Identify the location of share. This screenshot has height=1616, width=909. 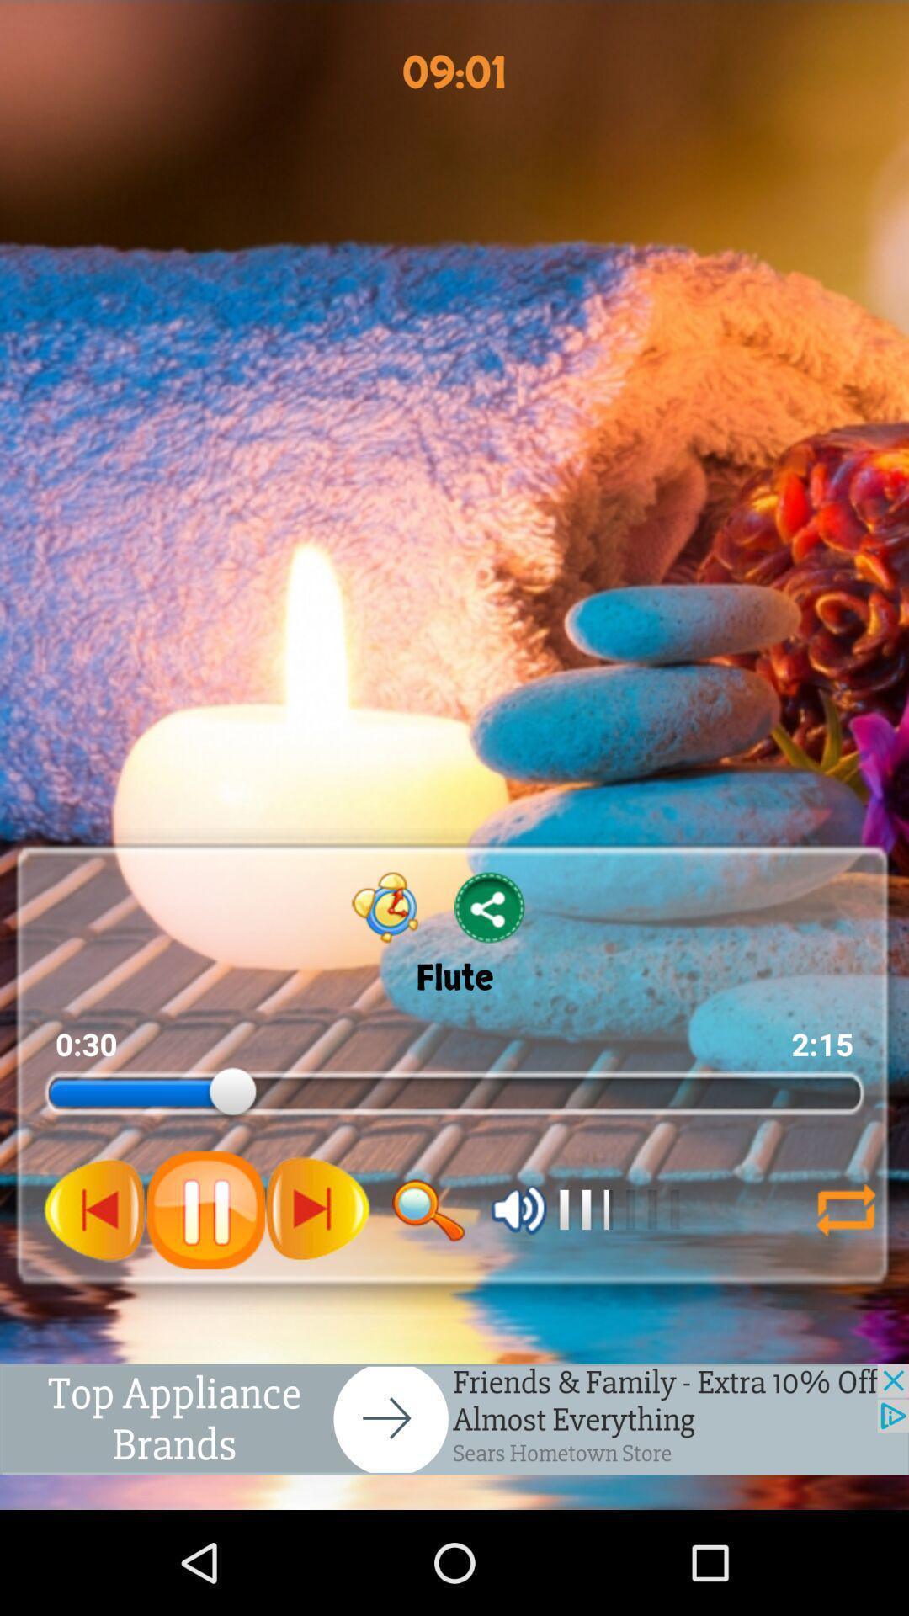
(490, 906).